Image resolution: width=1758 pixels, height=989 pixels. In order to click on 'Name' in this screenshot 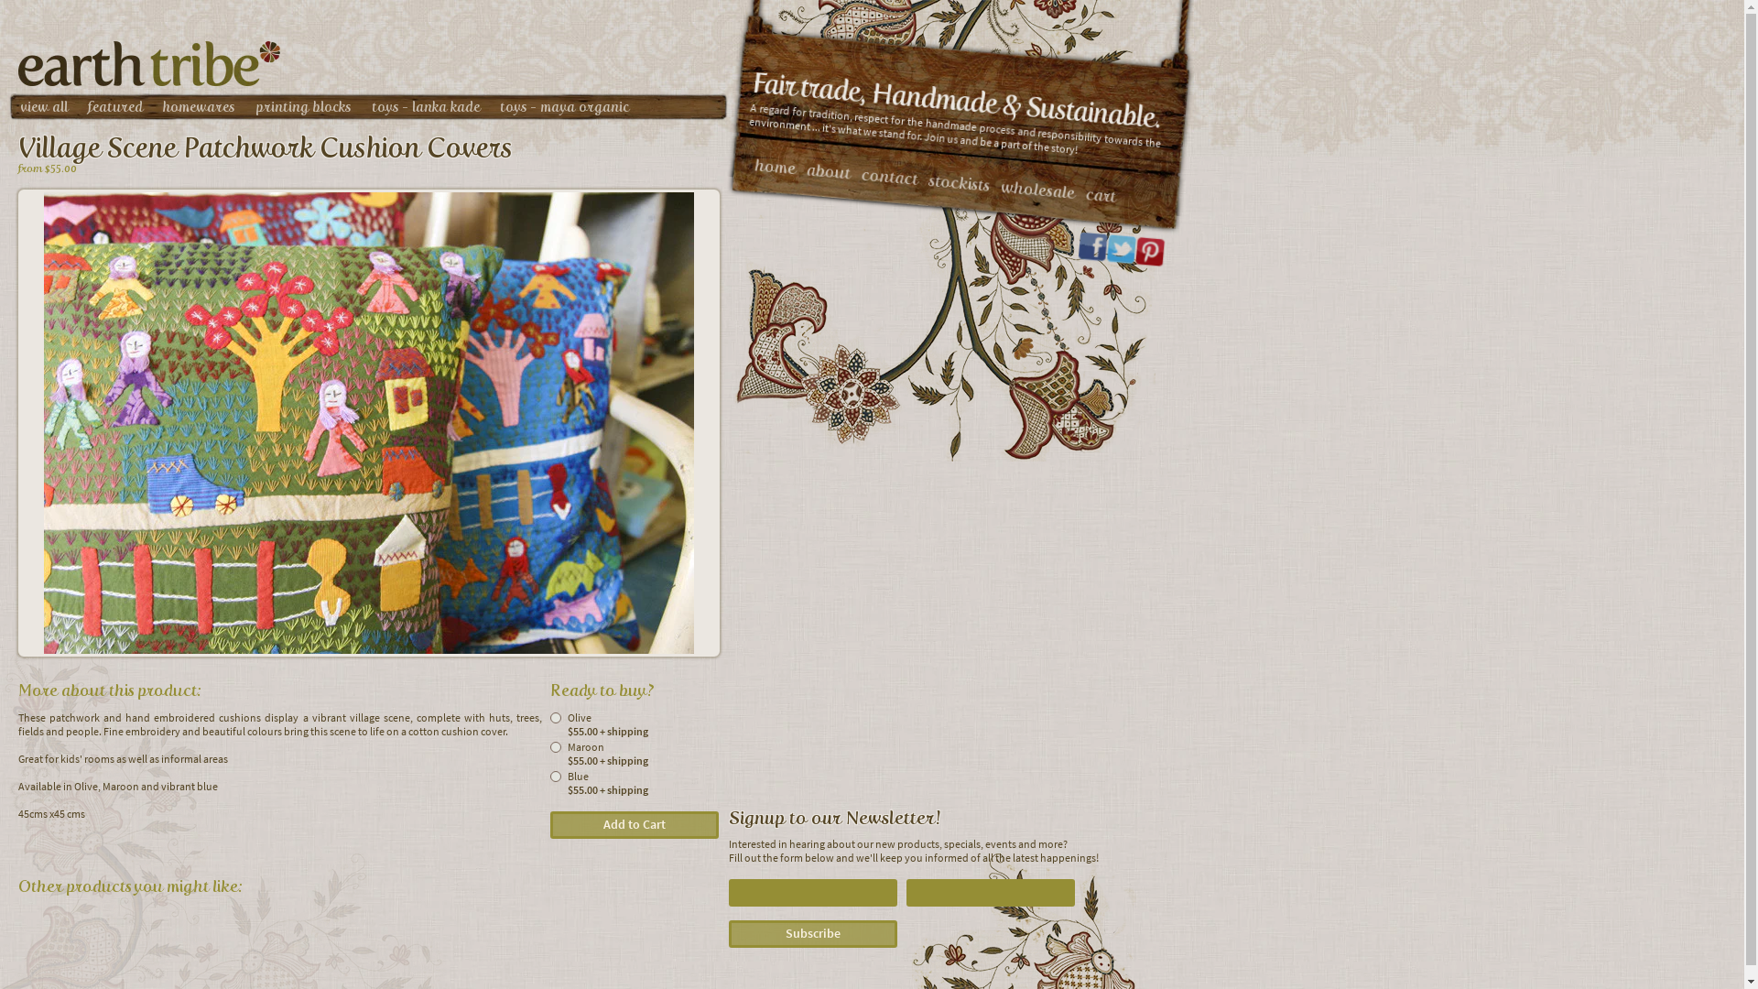, I will do `click(812, 892)`.